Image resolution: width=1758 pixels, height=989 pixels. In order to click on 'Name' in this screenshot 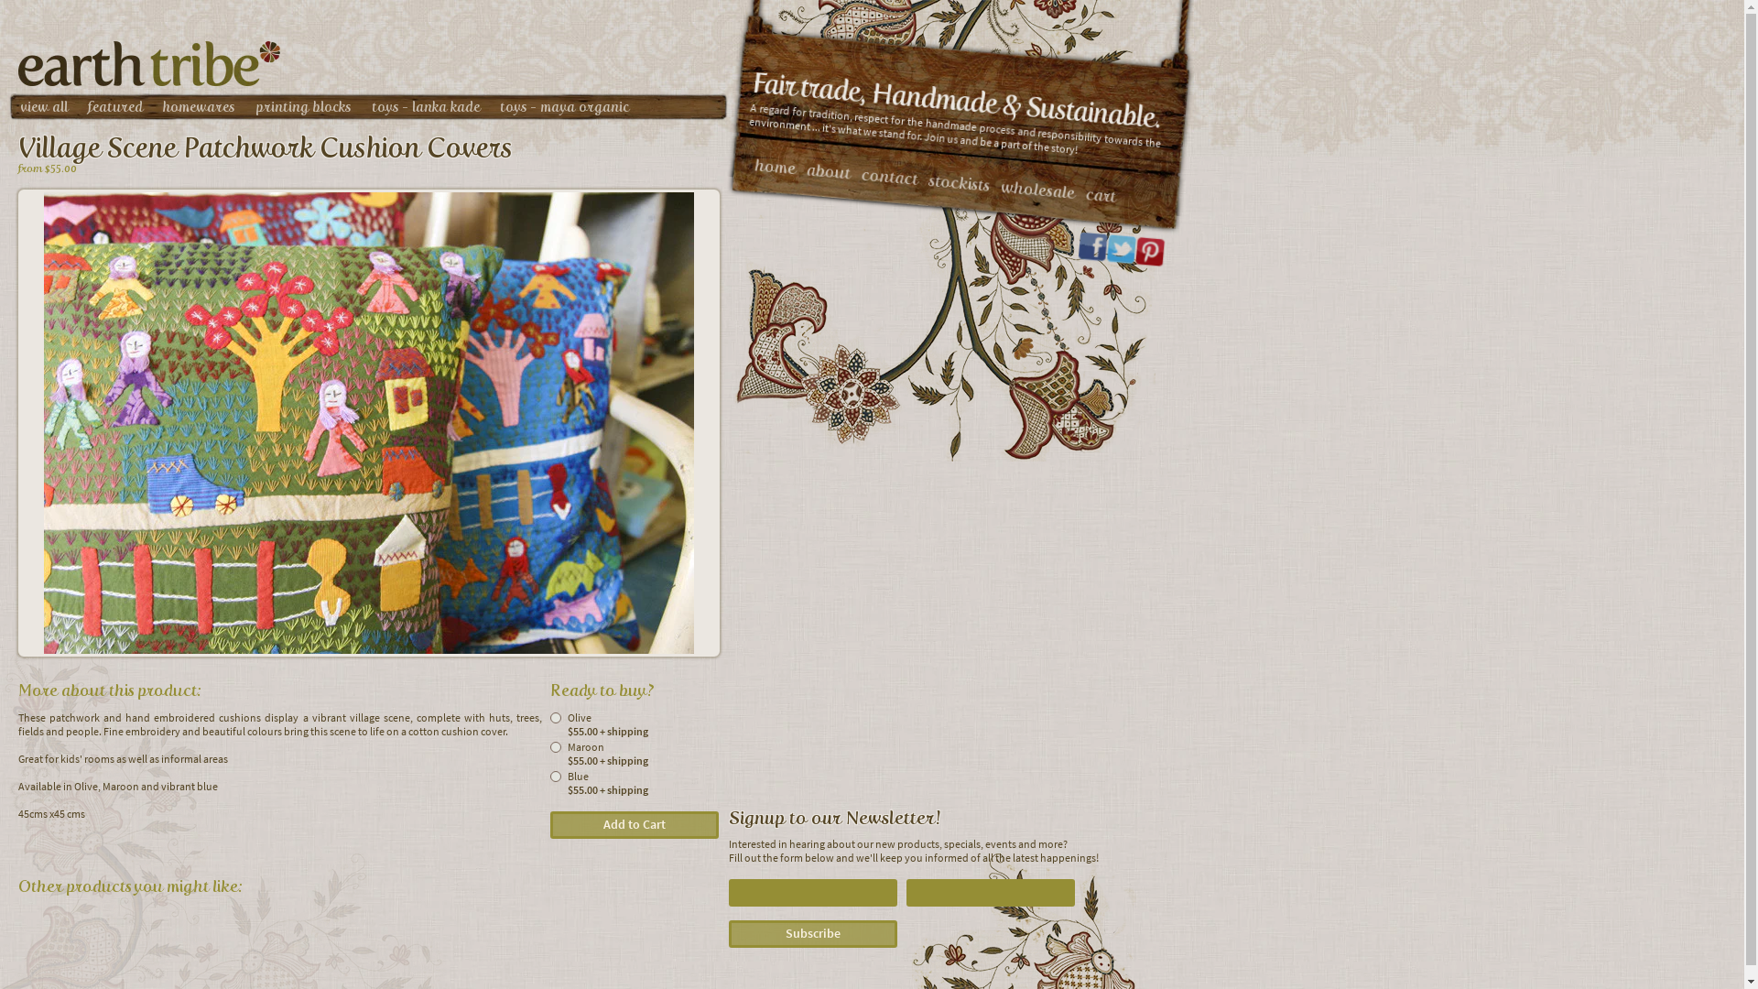, I will do `click(812, 892)`.